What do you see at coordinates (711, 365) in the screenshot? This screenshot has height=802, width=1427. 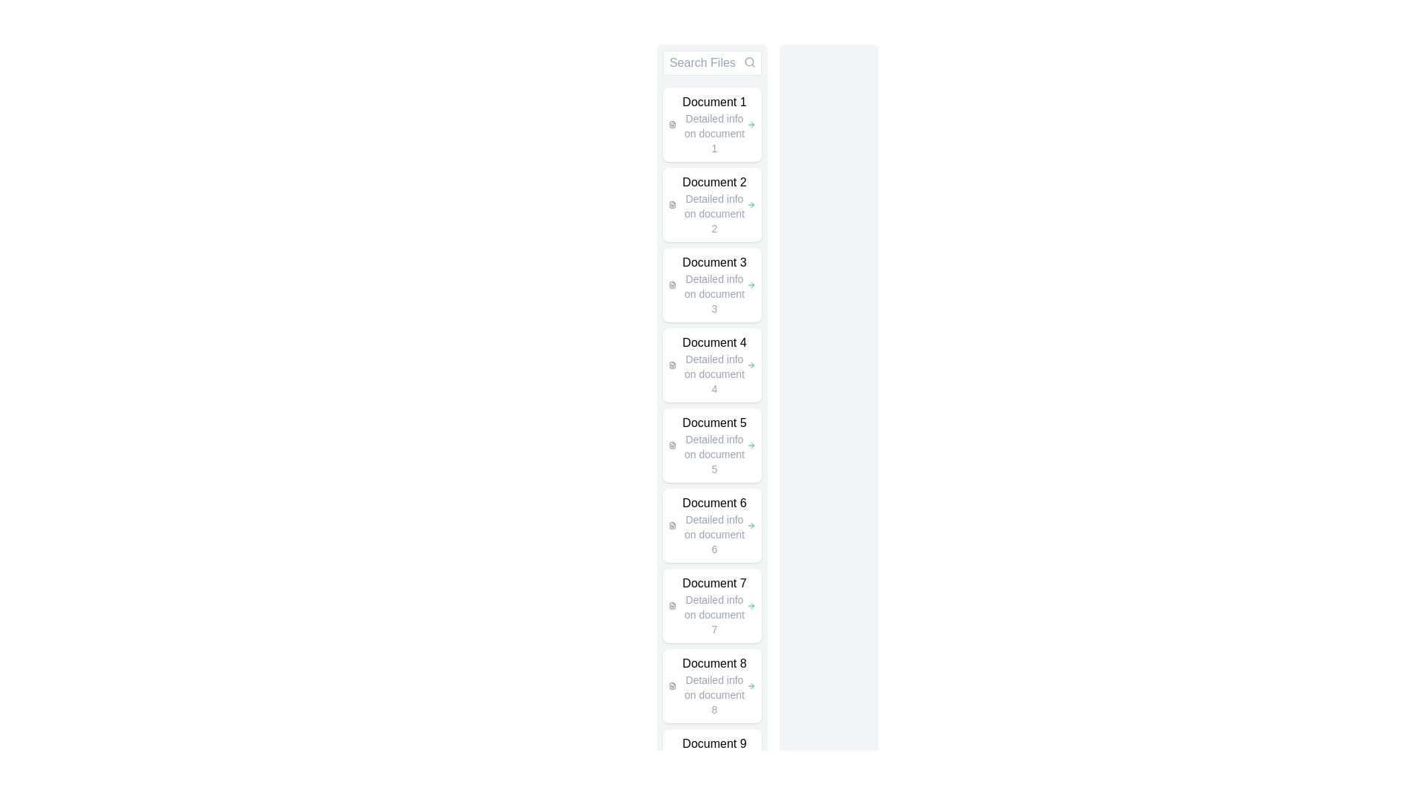 I see `the fourth item in the list labeled 'Document 4'` at bounding box center [711, 365].